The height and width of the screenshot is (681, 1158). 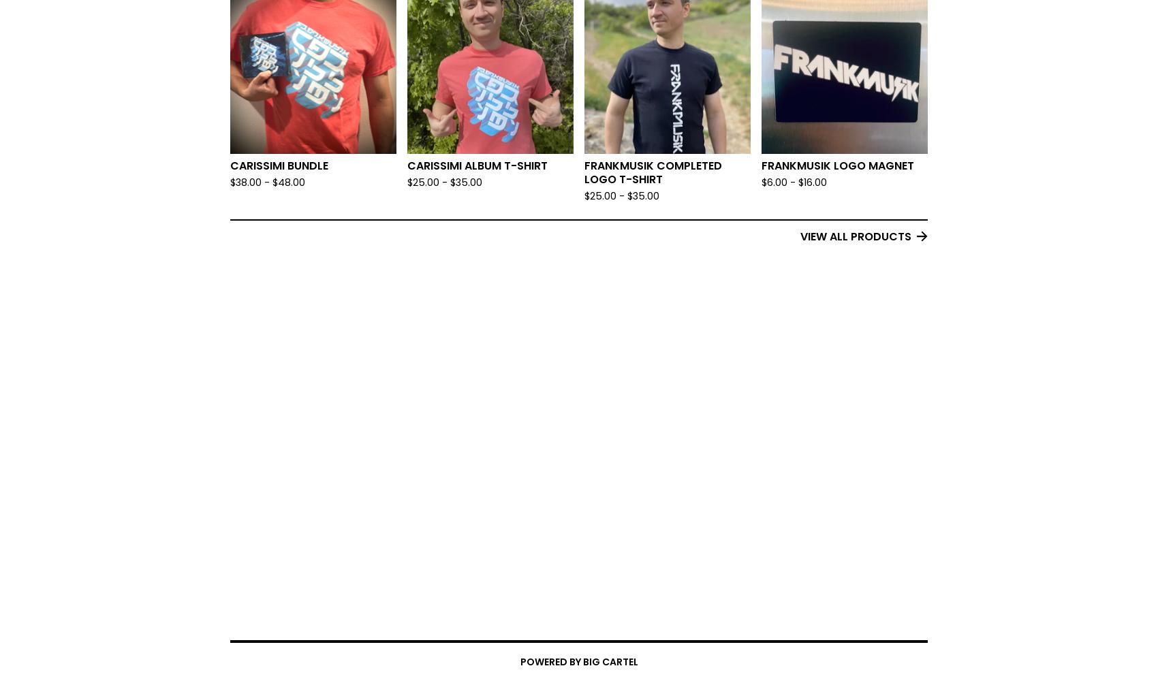 What do you see at coordinates (814, 183) in the screenshot?
I see `'16.00'` at bounding box center [814, 183].